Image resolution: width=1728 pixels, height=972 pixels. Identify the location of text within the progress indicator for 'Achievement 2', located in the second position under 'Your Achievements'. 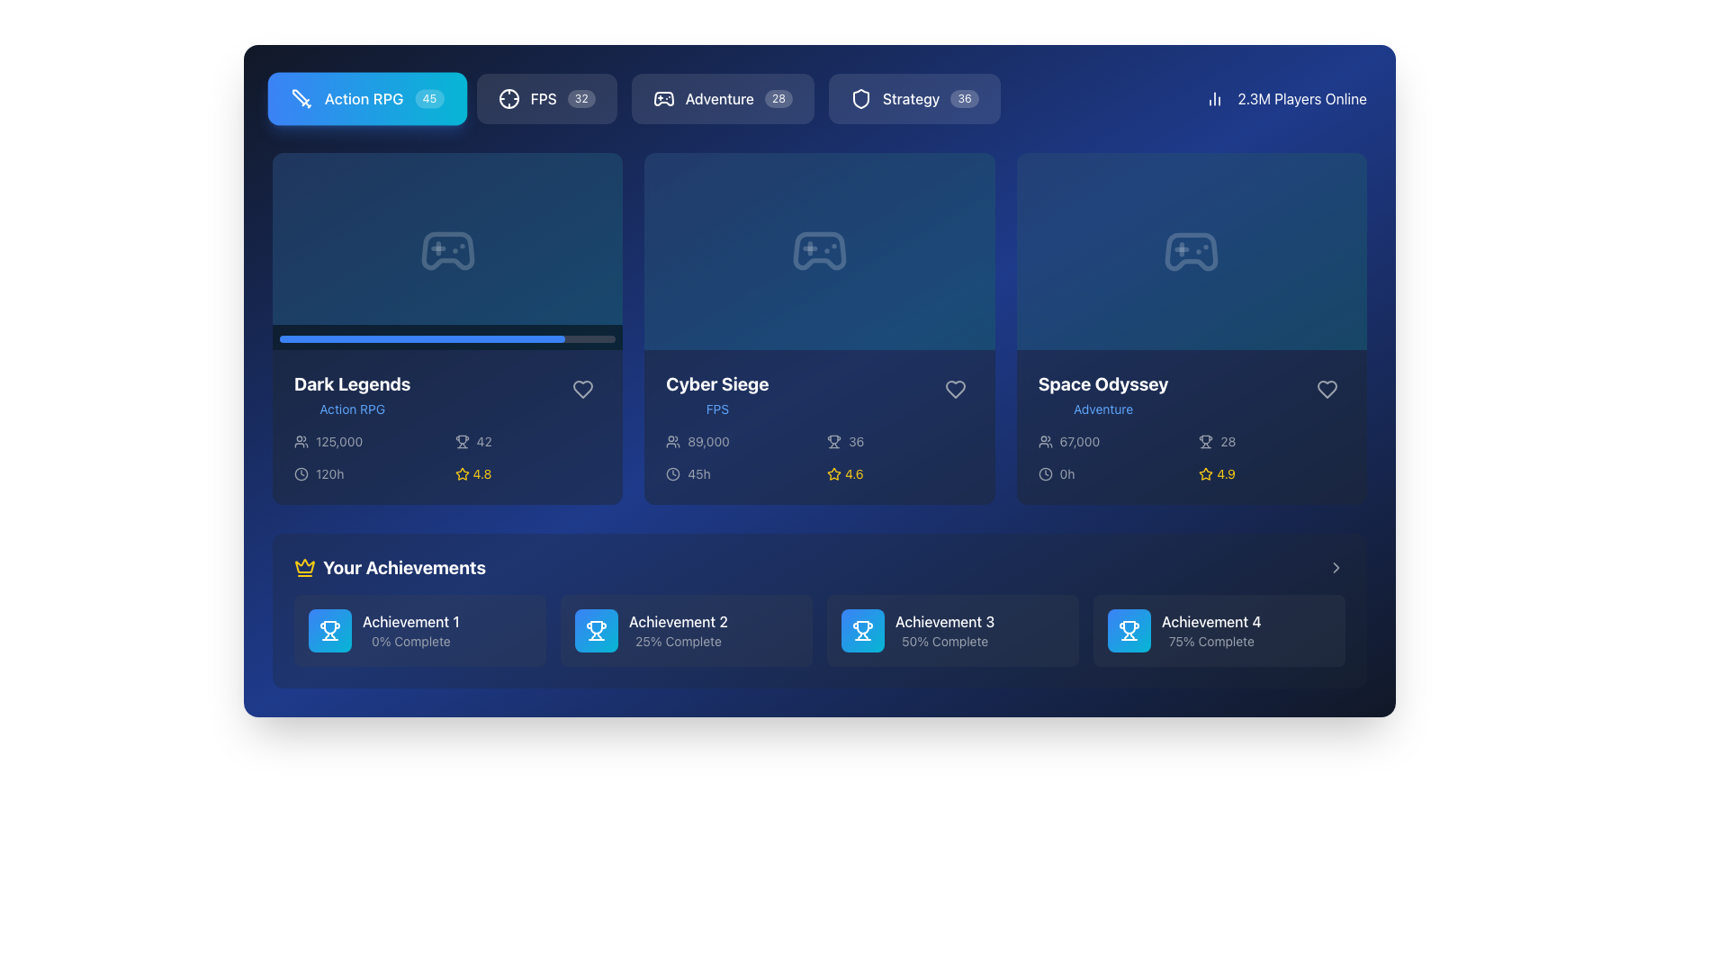
(677, 630).